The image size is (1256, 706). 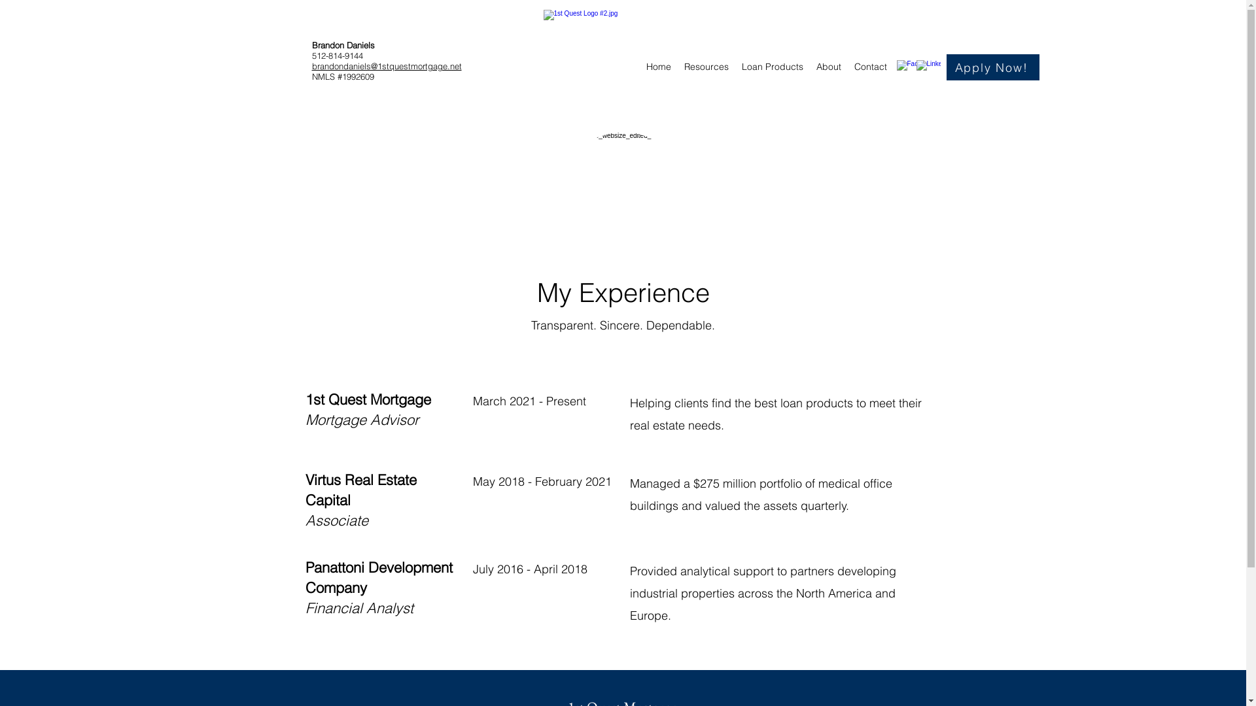 I want to click on 'brandondaniels@1stquestmortgage.net', so click(x=385, y=65).